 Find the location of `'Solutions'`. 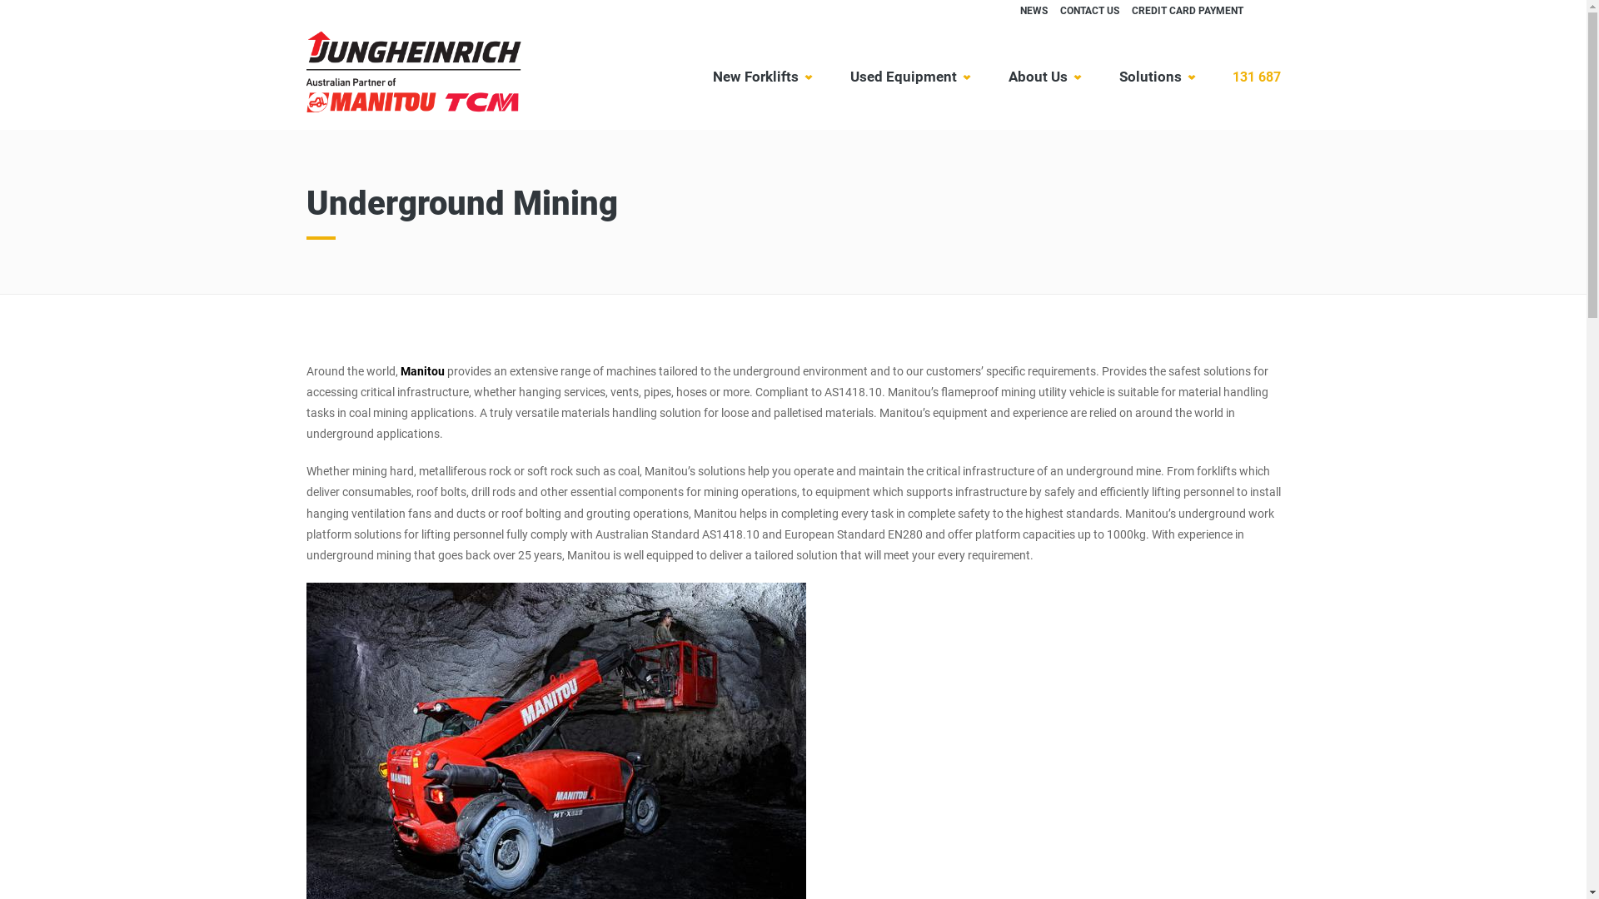

'Solutions' is located at coordinates (1155, 77).